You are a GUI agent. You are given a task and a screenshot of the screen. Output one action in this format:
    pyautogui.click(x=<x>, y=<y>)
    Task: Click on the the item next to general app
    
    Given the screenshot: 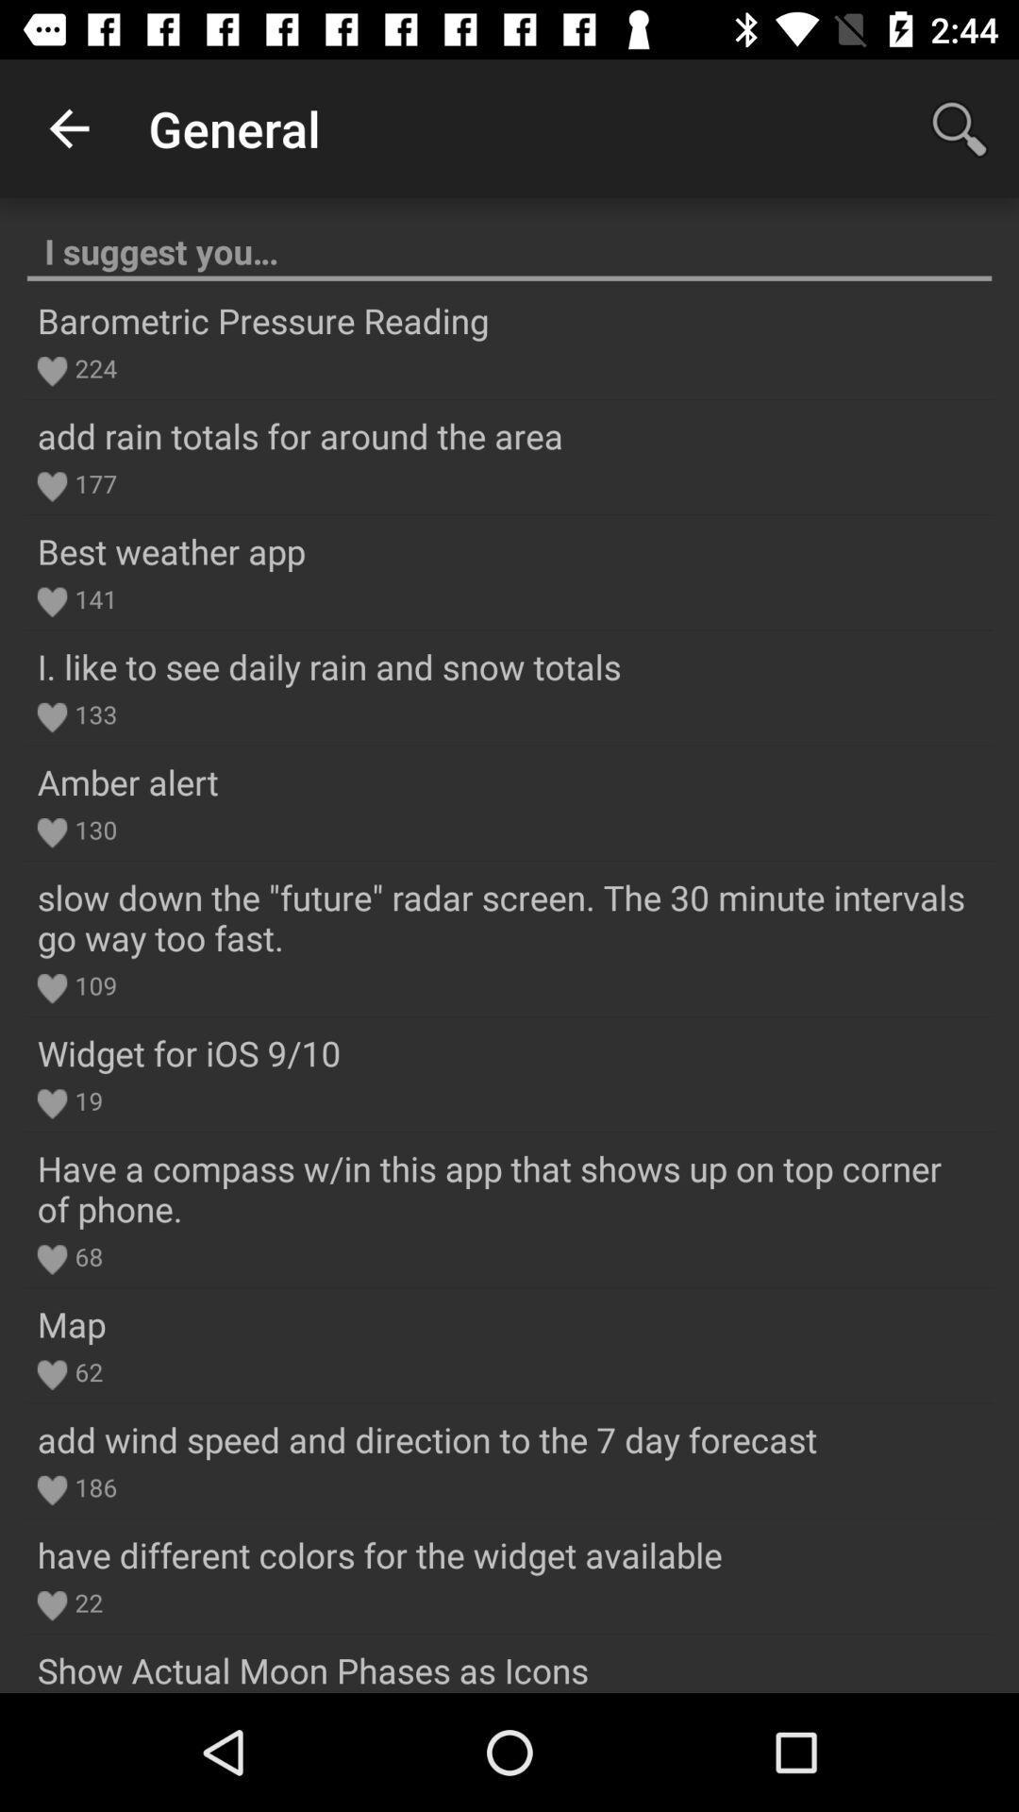 What is the action you would take?
    pyautogui.click(x=960, y=127)
    